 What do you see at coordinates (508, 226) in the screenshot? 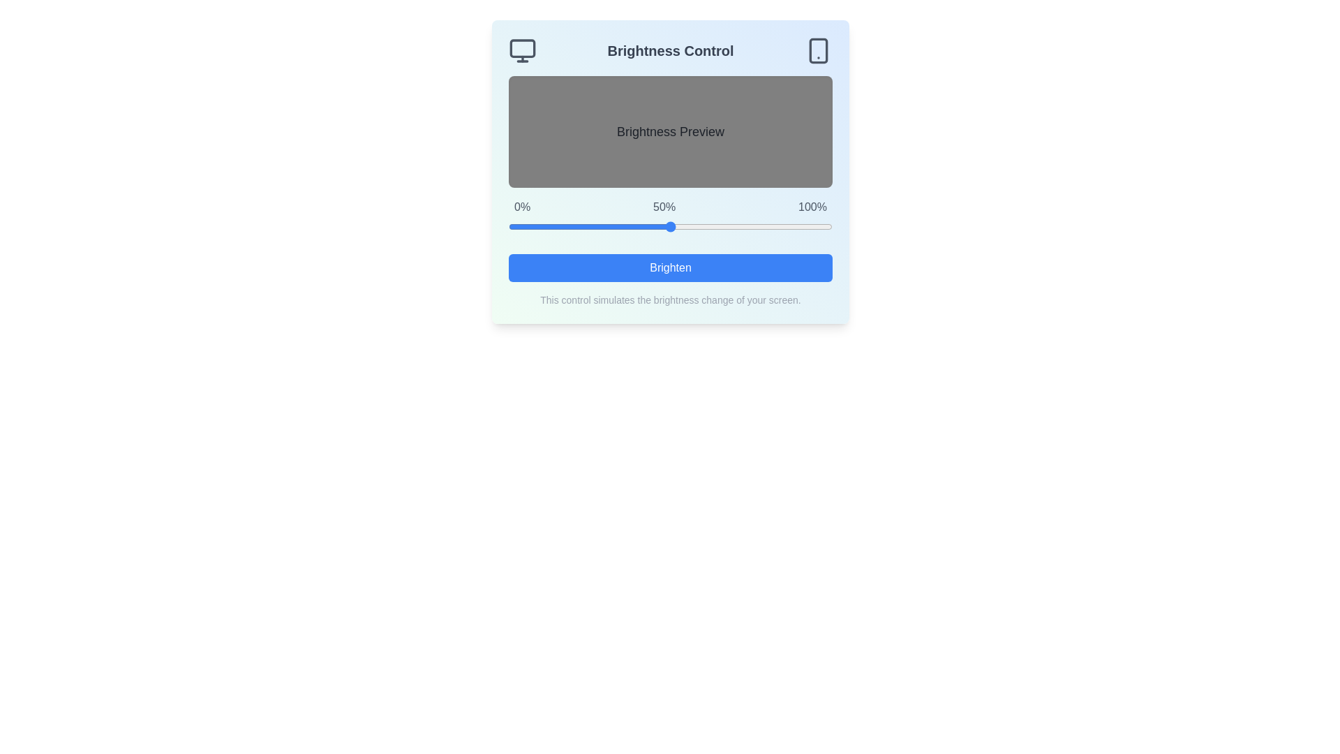
I see `the brightness slider to 0%` at bounding box center [508, 226].